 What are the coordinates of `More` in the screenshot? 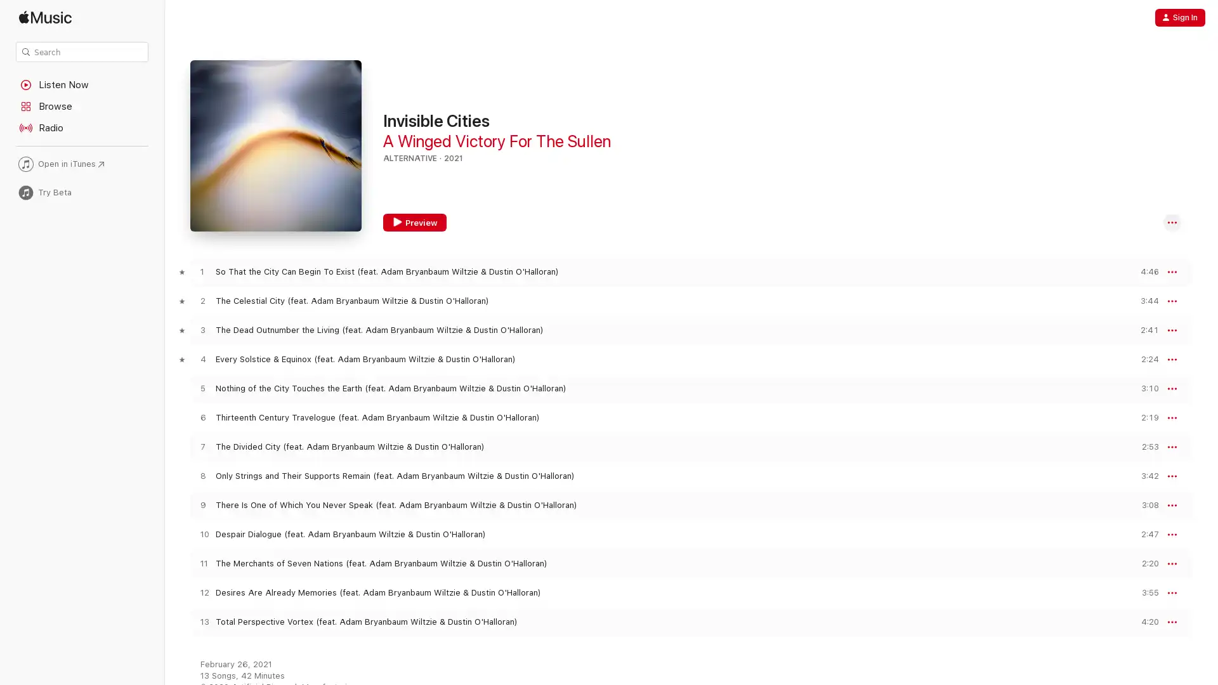 It's located at (1172, 388).